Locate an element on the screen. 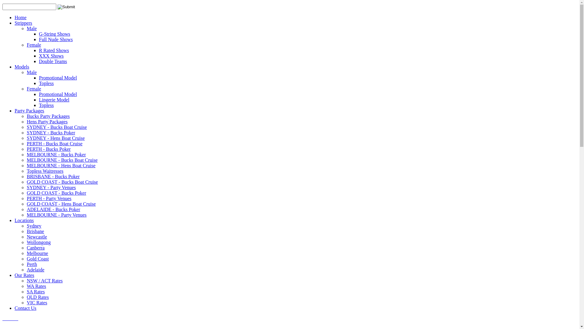  'Lingerie Model' is located at coordinates (54, 99).